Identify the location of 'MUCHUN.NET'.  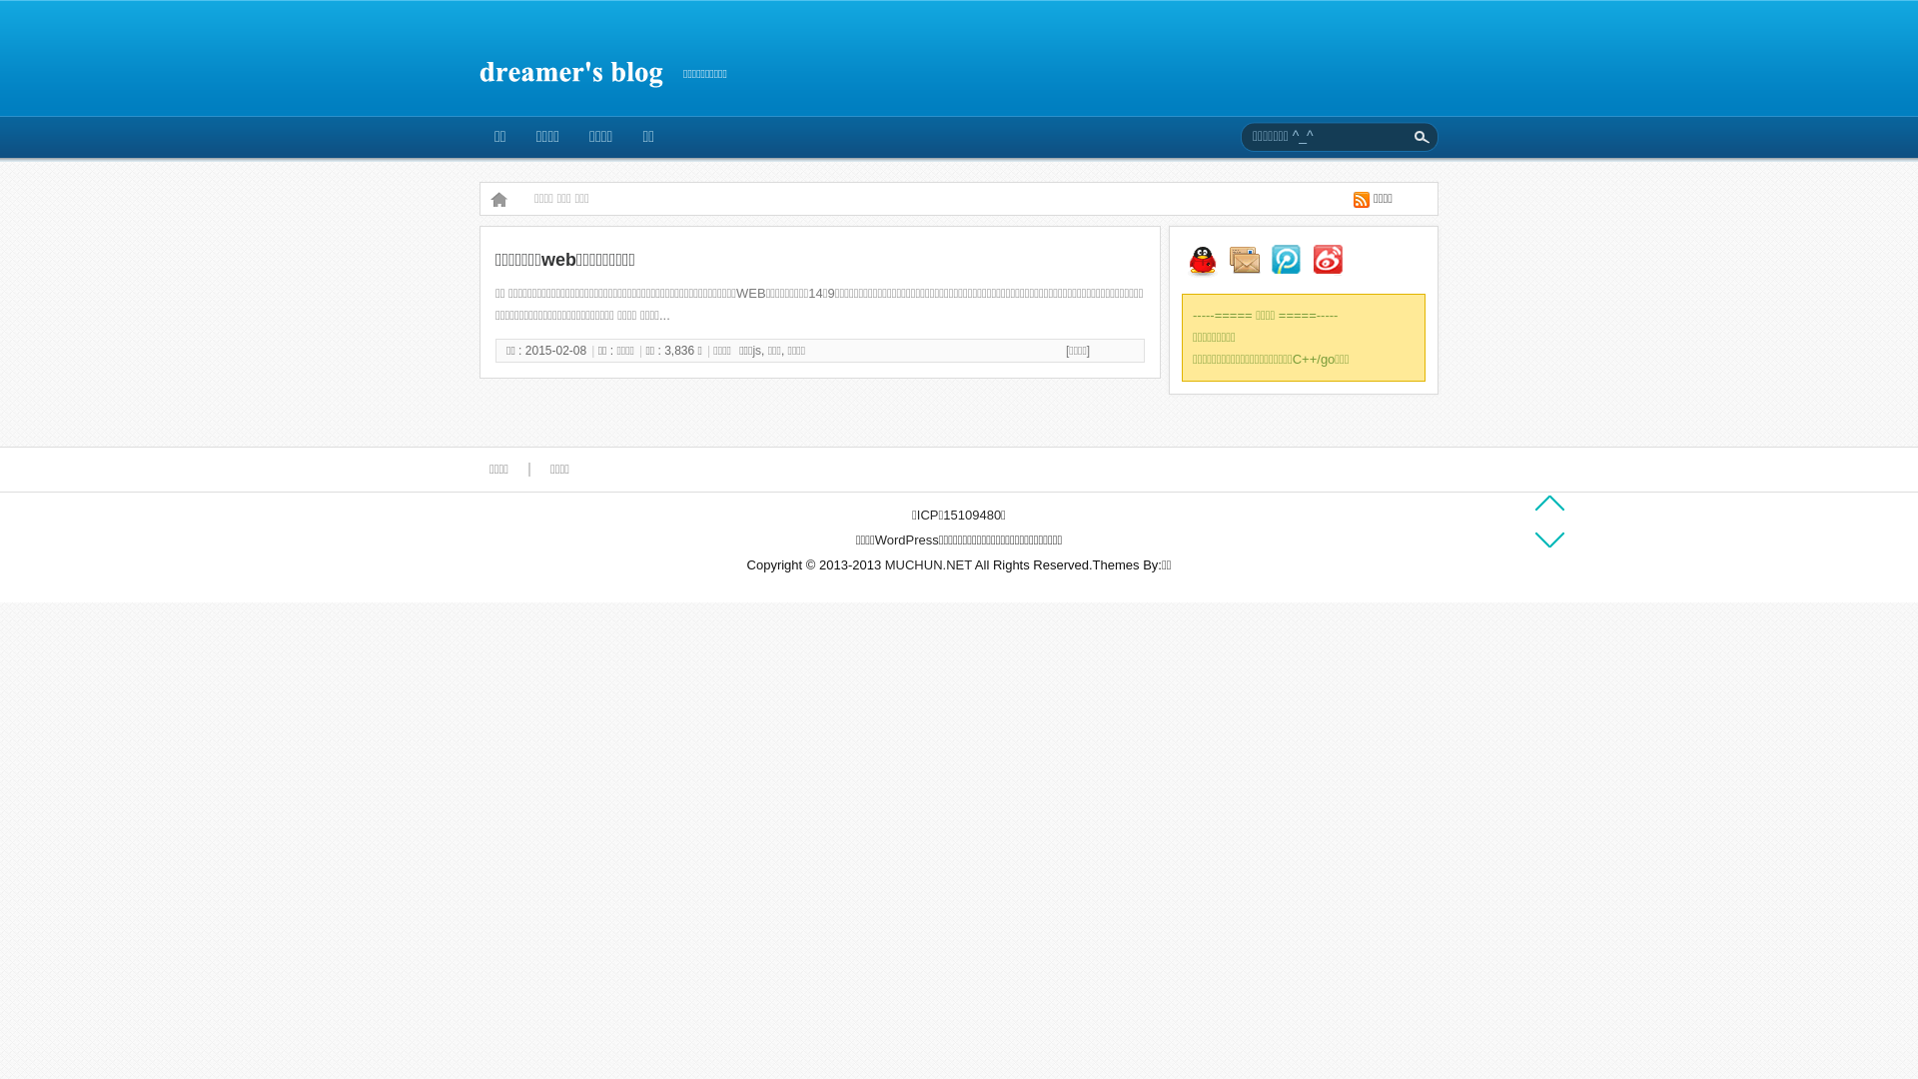
(927, 564).